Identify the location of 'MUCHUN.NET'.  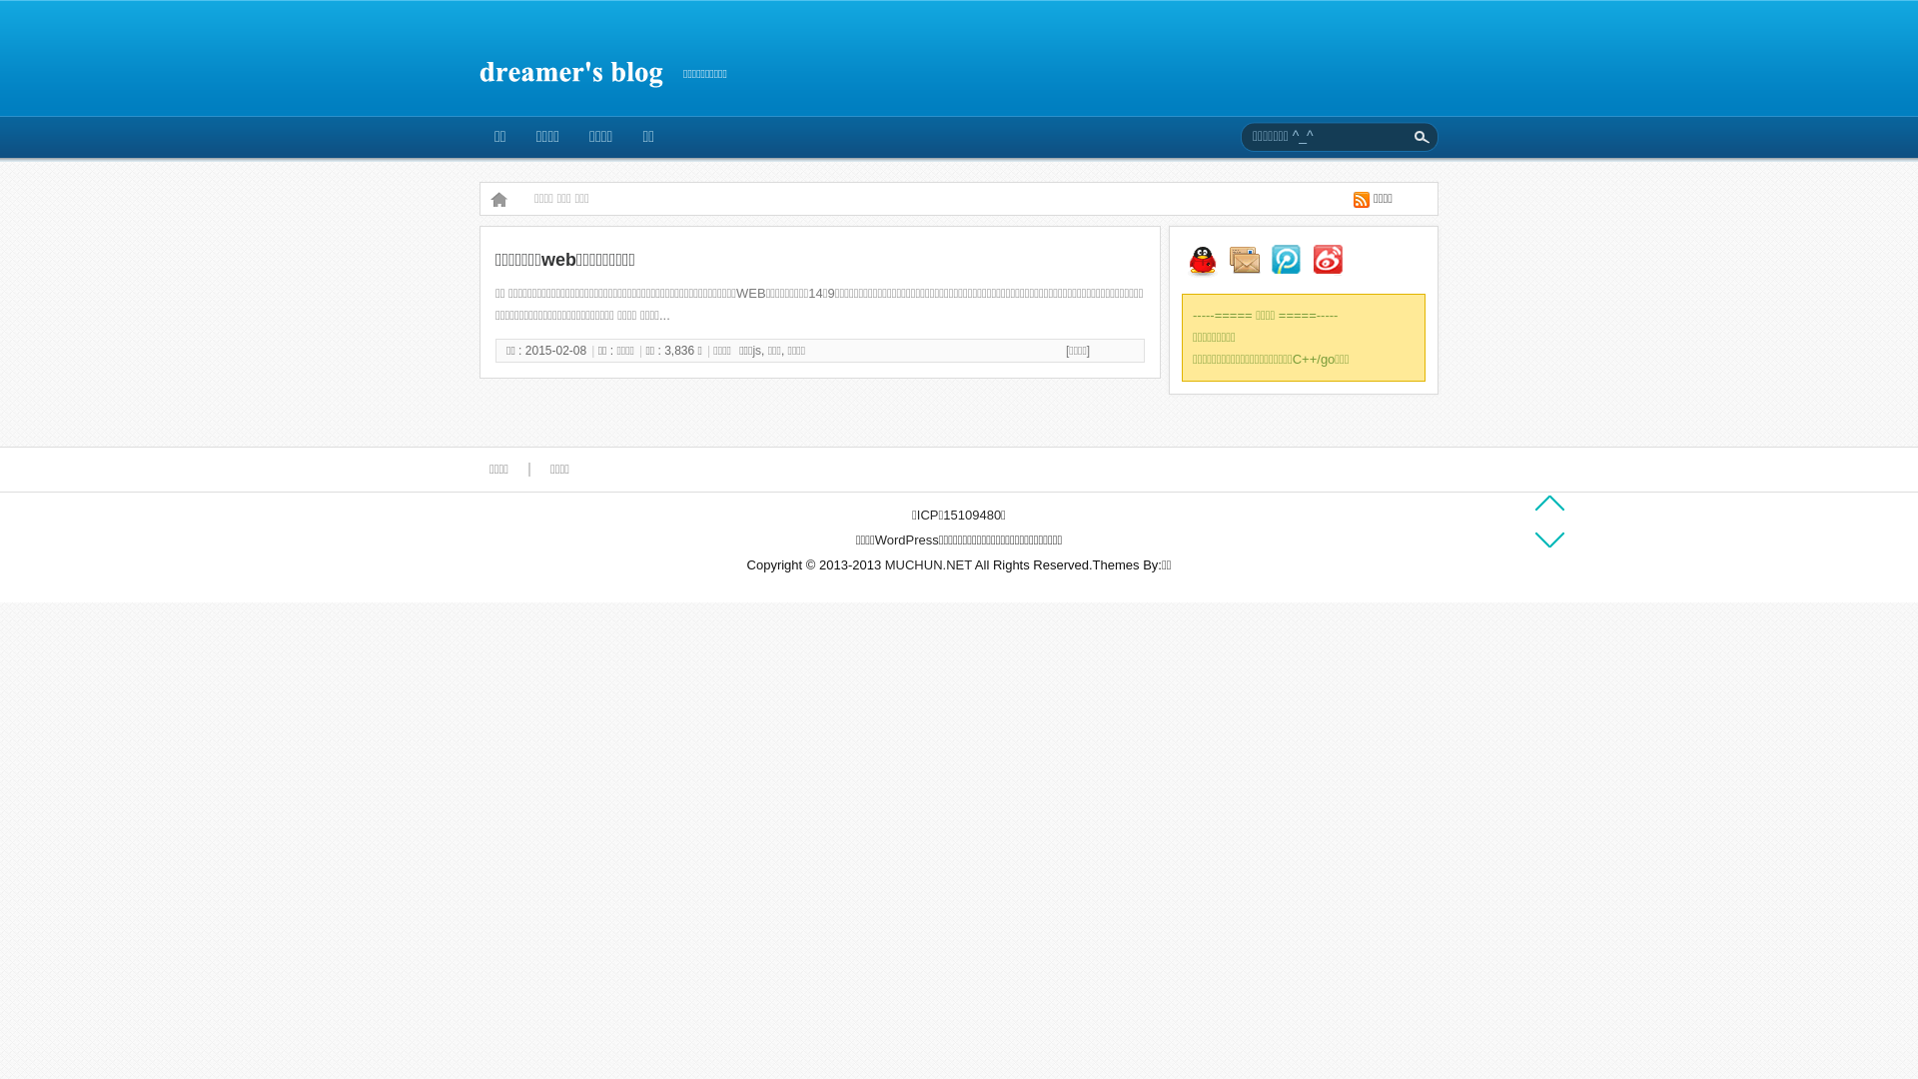
(927, 564).